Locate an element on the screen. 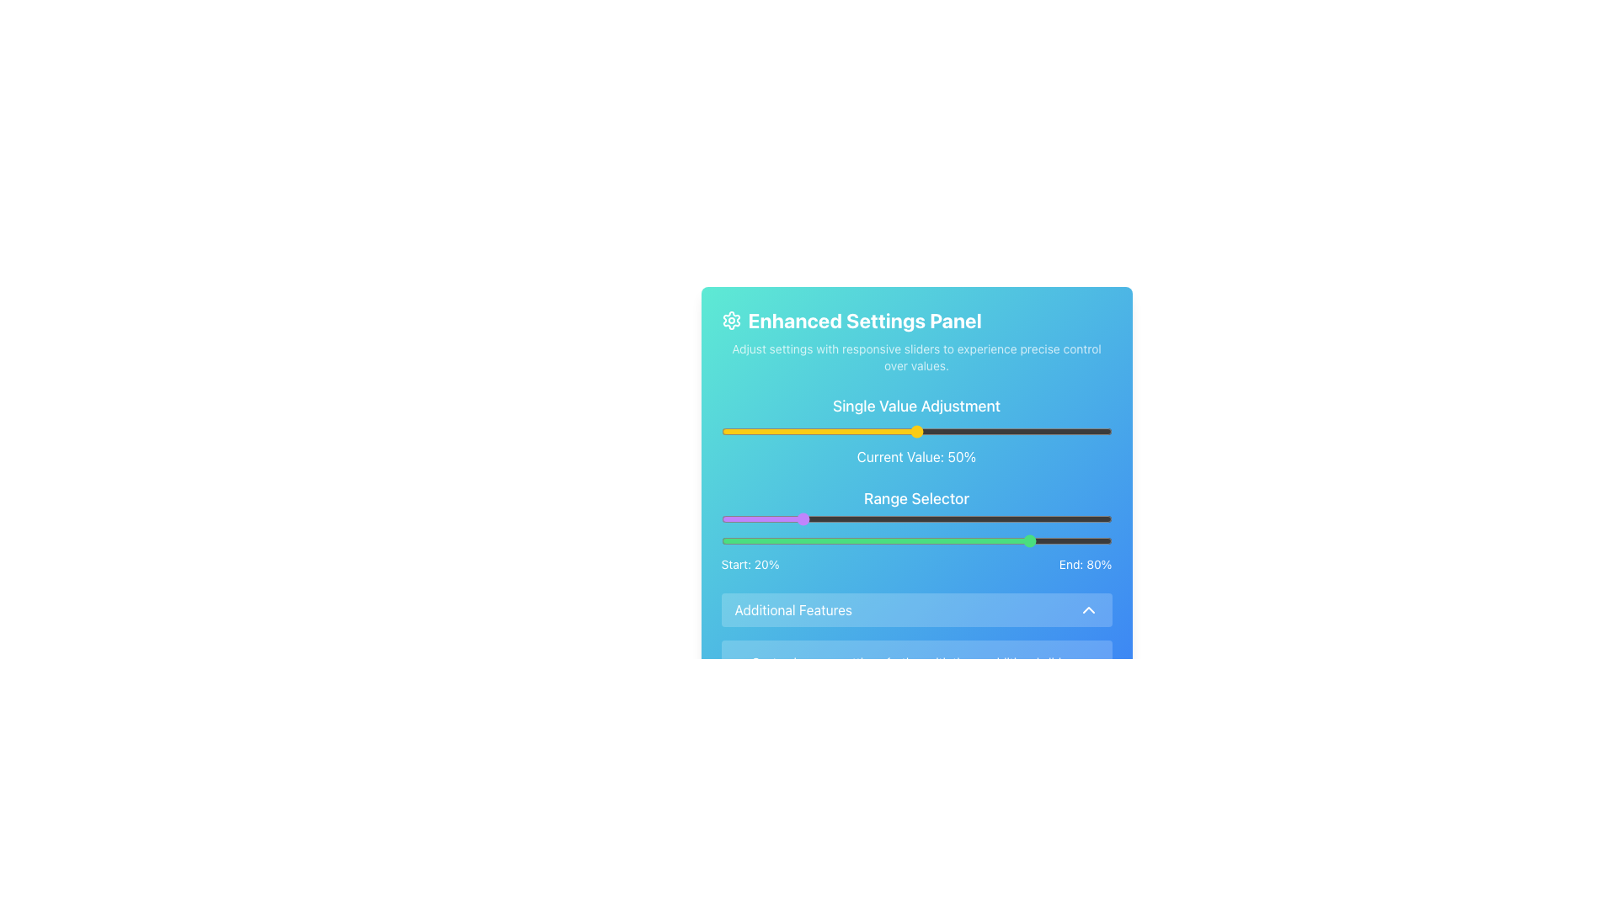 The image size is (1617, 909). text label displaying 'Single Value Adjustment', which is styled as a bold and larger font heading at the top of its section is located at coordinates (915, 406).